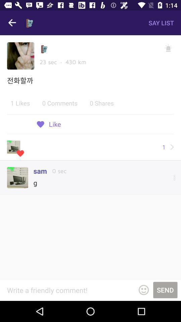  Describe the element at coordinates (12, 23) in the screenshot. I see `the arrow_backward icon` at that location.